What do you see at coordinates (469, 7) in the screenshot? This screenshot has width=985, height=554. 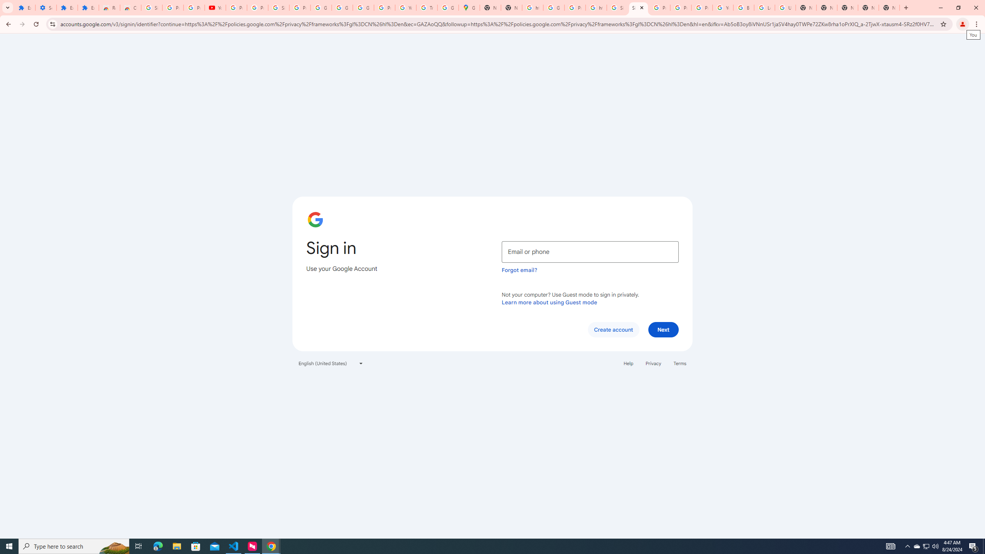 I see `'Google Maps'` at bounding box center [469, 7].